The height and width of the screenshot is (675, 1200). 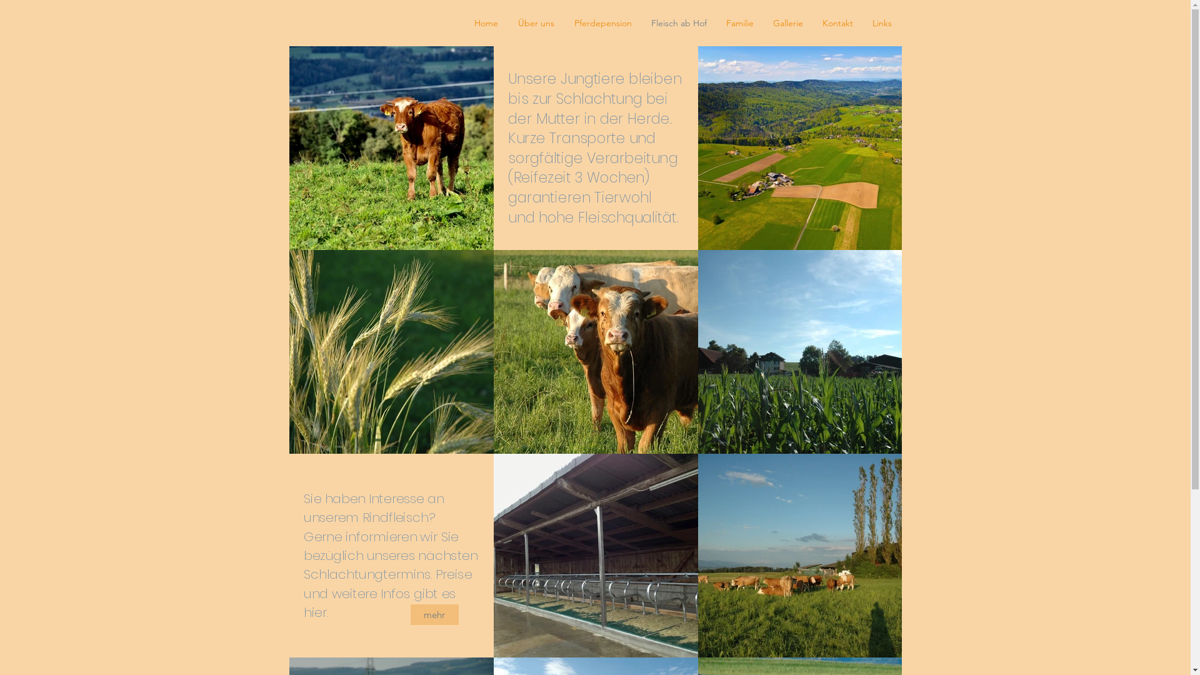 I want to click on 'Home', so click(x=485, y=23).